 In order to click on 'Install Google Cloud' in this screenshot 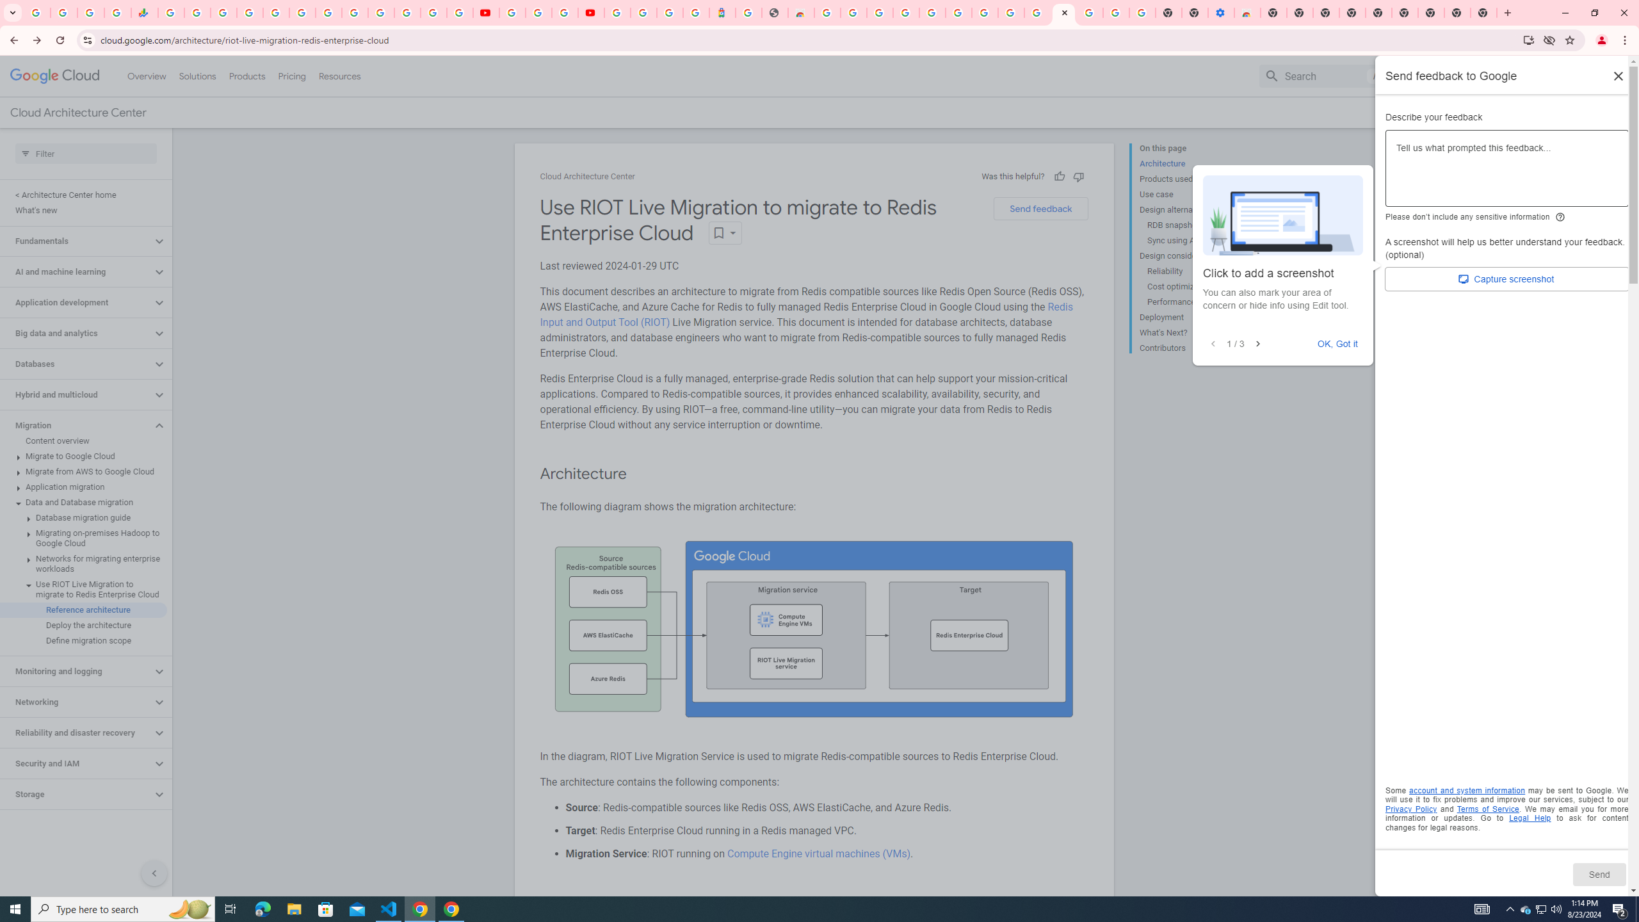, I will do `click(1529, 39)`.